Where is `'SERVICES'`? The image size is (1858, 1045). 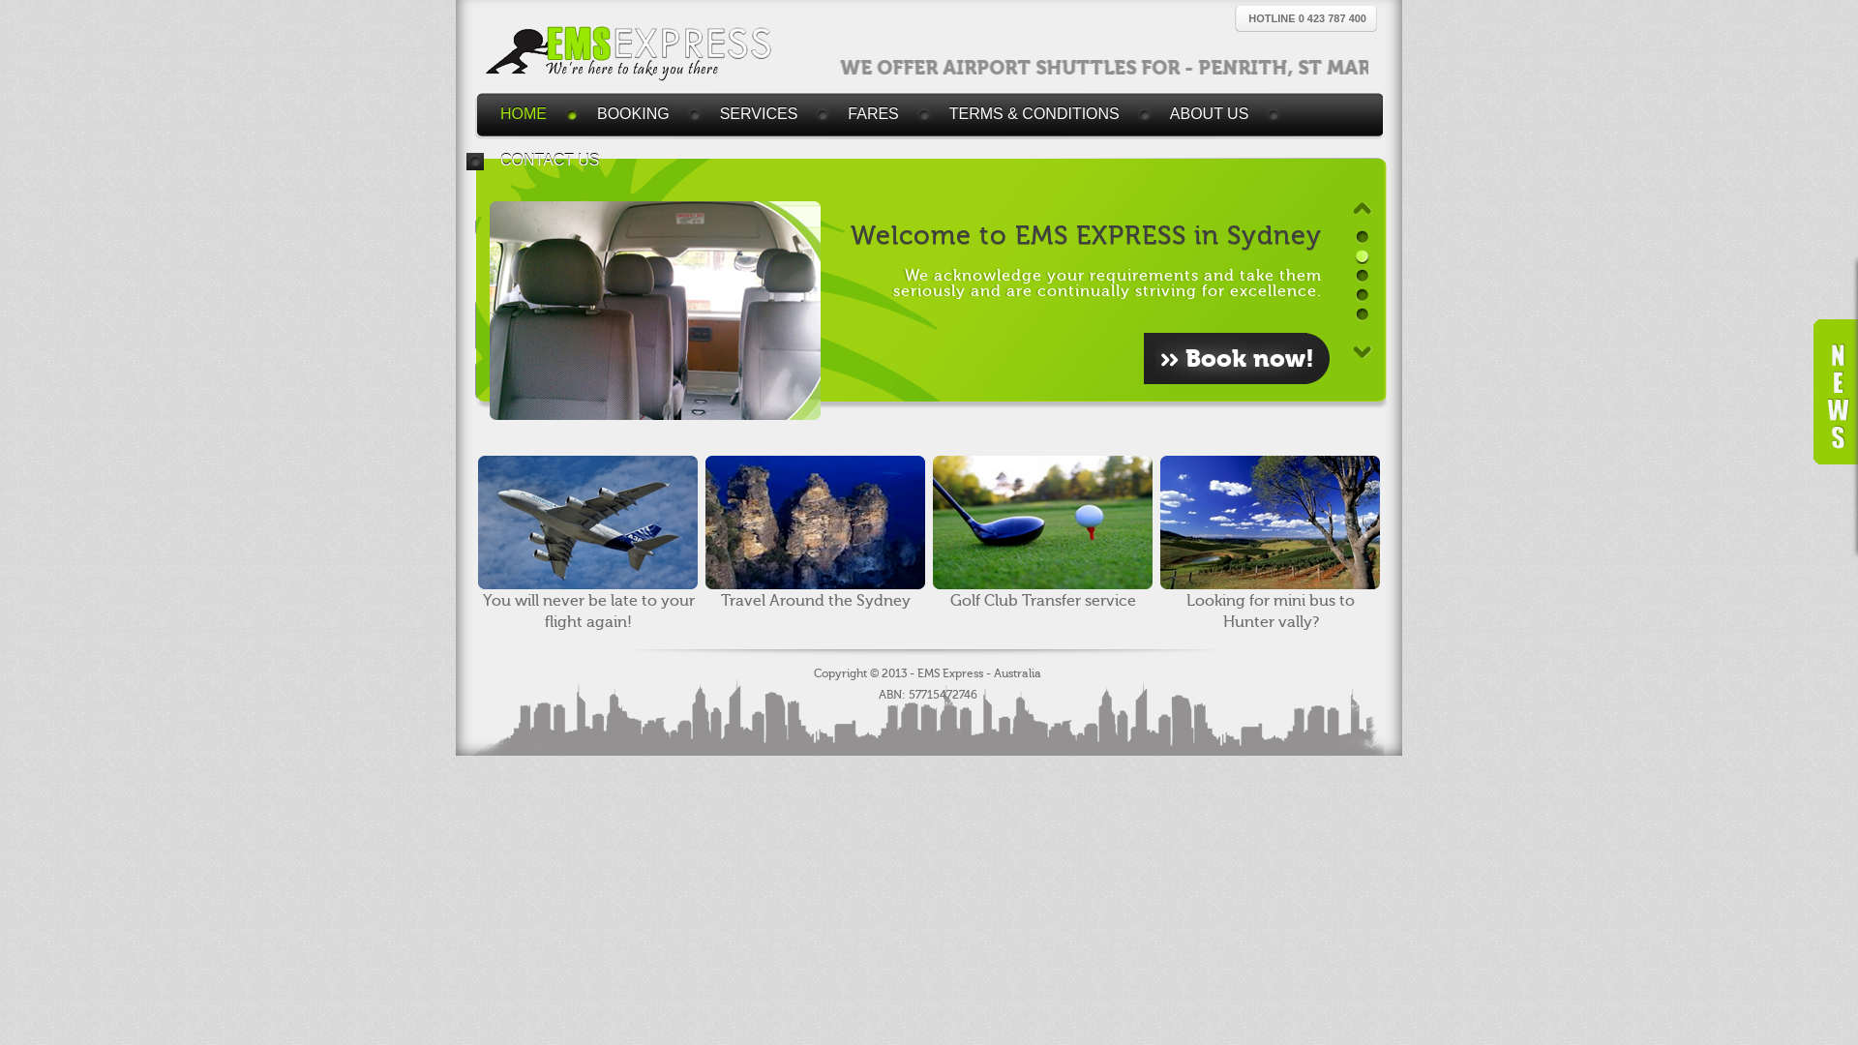
'SERVICES' is located at coordinates (764, 114).